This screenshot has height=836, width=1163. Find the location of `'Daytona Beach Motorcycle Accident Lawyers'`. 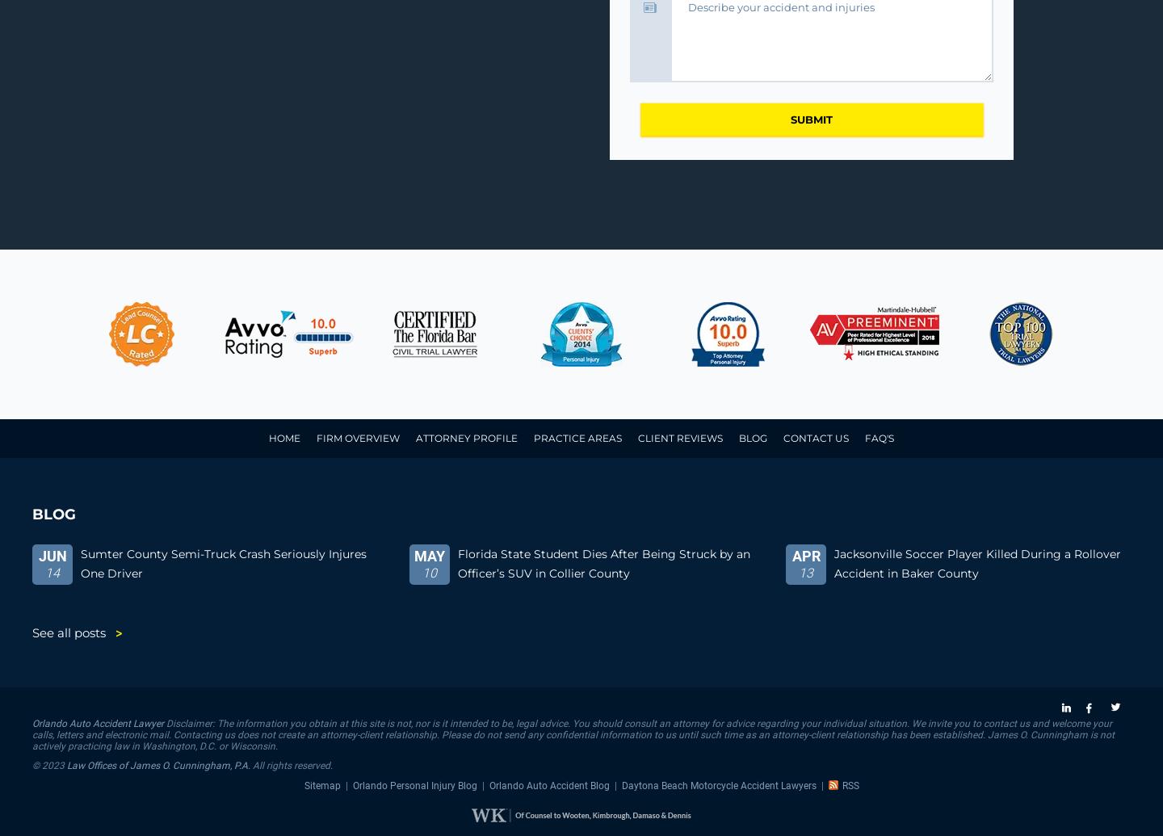

'Daytona Beach Motorcycle Accident Lawyers' is located at coordinates (619, 785).